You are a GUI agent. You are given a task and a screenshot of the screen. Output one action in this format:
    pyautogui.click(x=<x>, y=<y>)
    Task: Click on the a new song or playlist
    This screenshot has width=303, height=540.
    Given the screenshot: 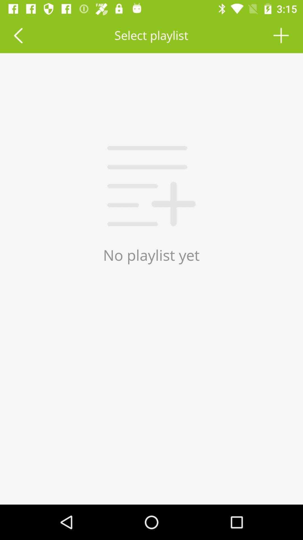 What is the action you would take?
    pyautogui.click(x=281, y=35)
    